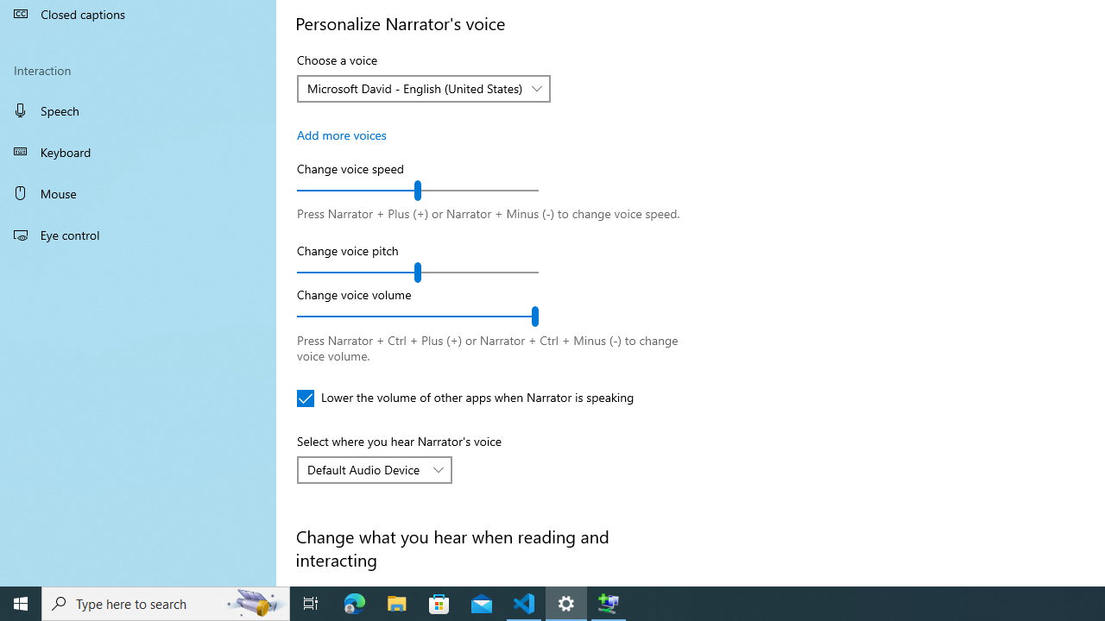 The height and width of the screenshot is (621, 1105). What do you see at coordinates (418, 317) in the screenshot?
I see `'Change voice volume'` at bounding box center [418, 317].